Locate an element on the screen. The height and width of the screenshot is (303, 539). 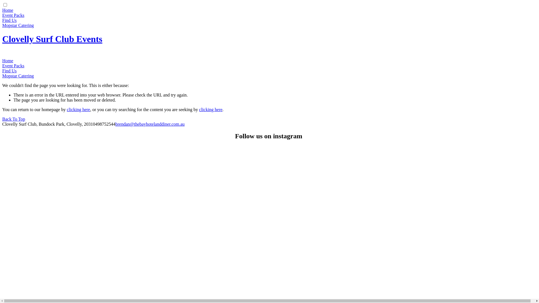
'Back To Top' is located at coordinates (13, 119).